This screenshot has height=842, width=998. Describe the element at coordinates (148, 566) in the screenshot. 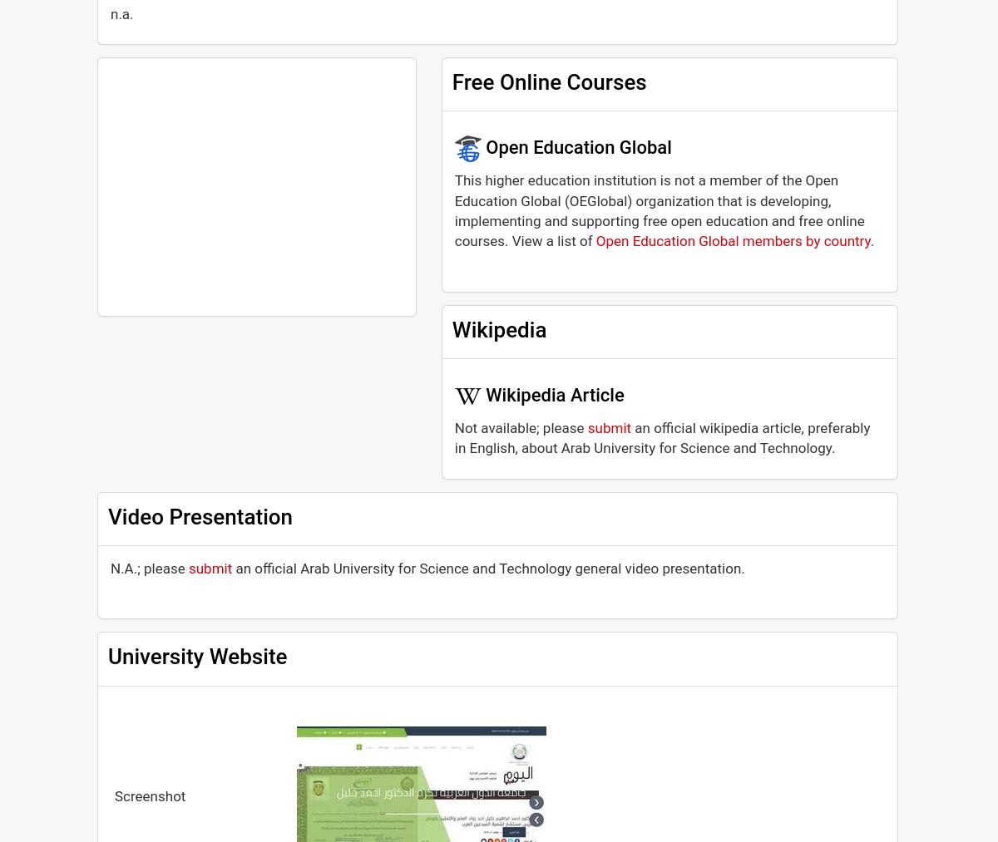

I see `'N.A.; please'` at that location.